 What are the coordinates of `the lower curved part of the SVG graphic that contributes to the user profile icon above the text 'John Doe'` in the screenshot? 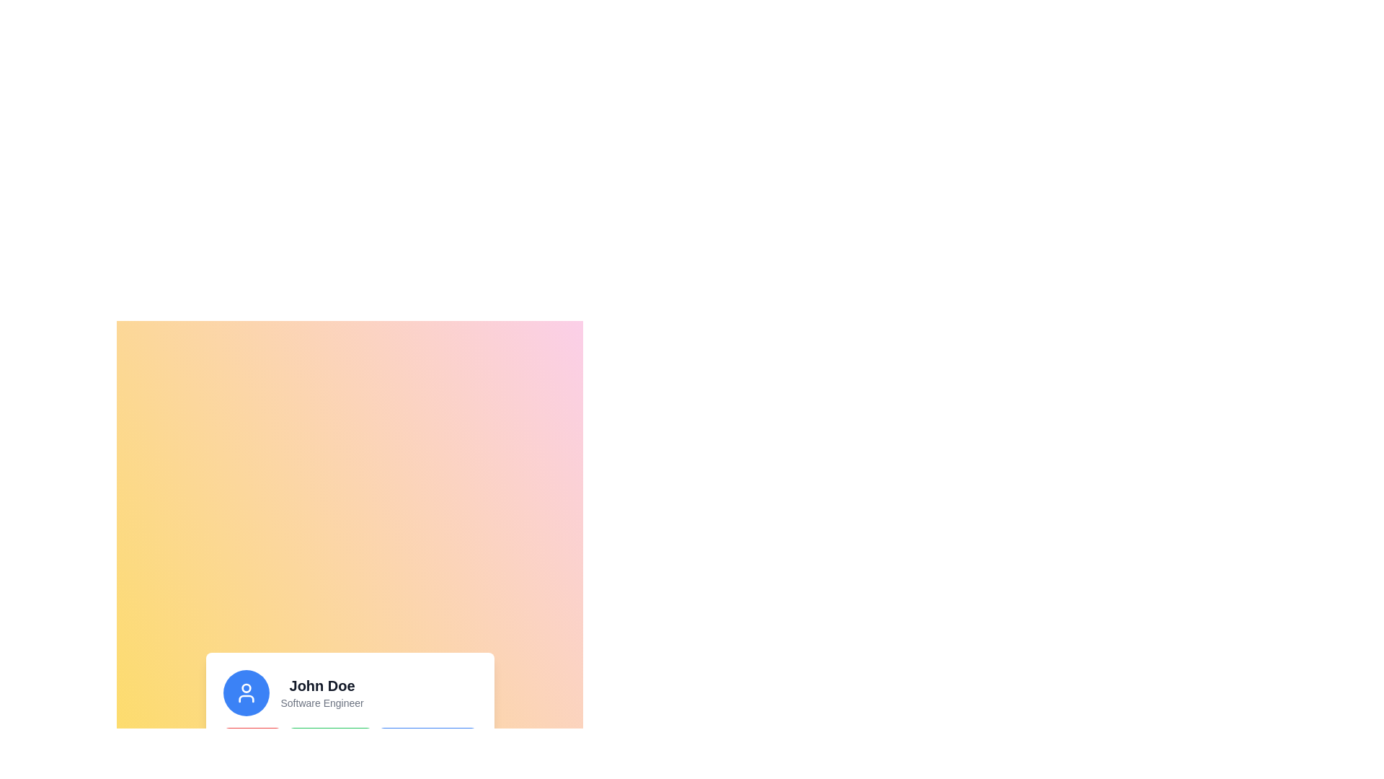 It's located at (246, 697).